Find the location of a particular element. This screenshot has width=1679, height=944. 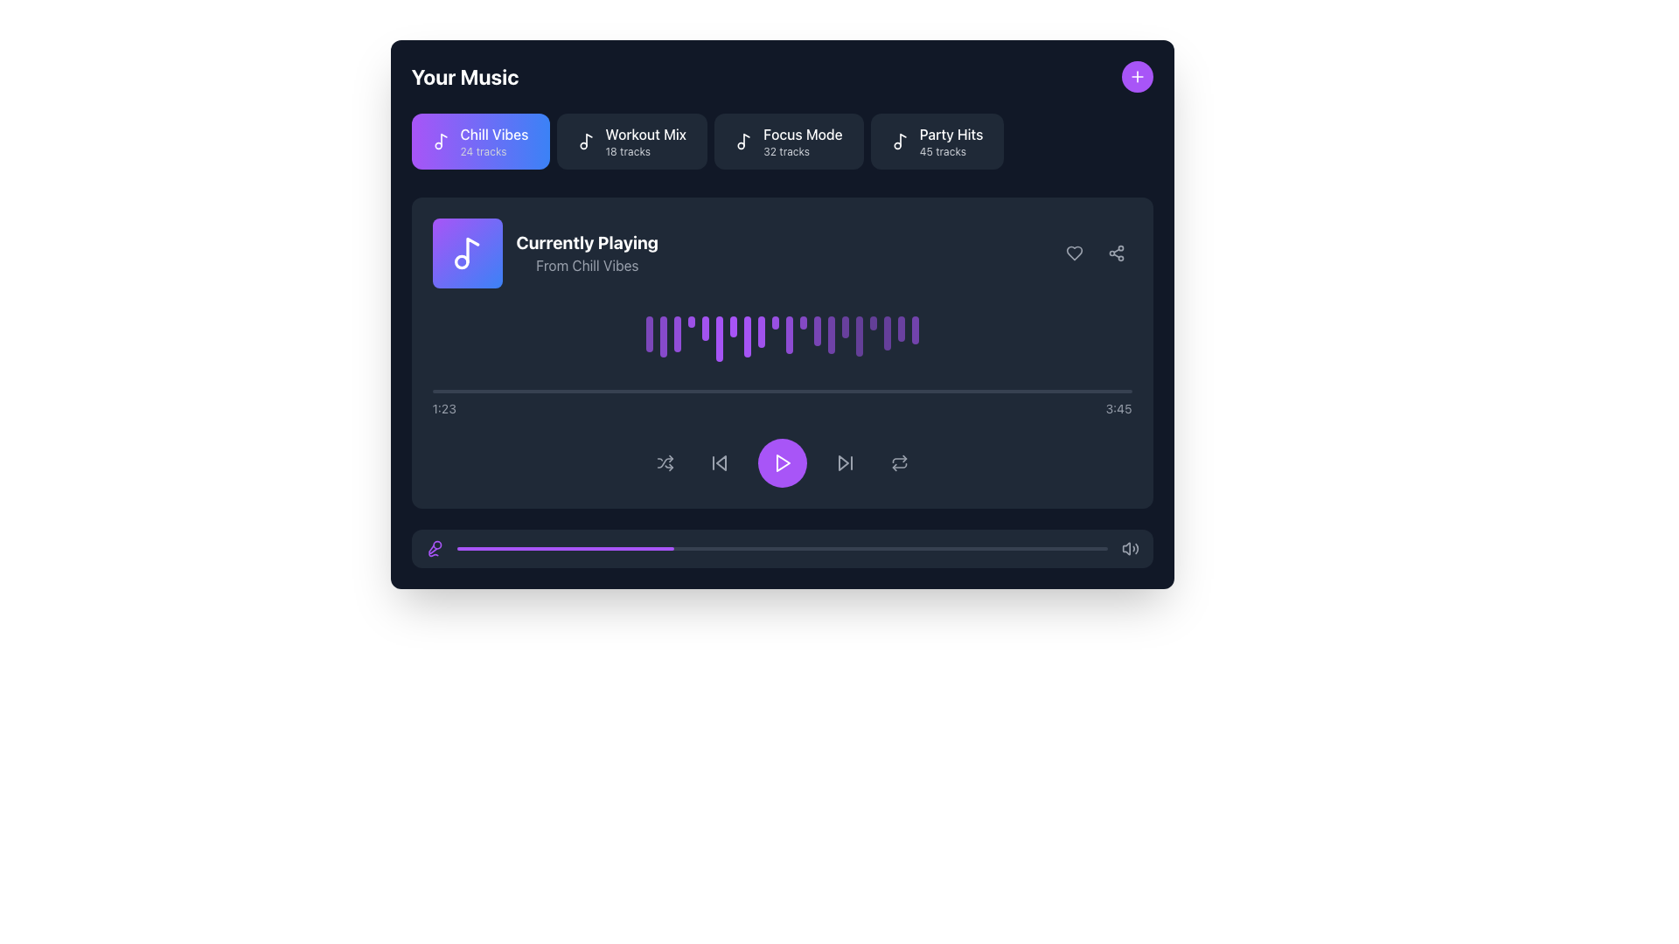

playback time is located at coordinates (673, 391).